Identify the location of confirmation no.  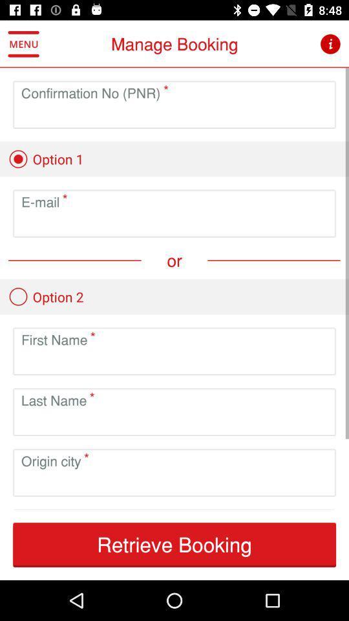
(174, 114).